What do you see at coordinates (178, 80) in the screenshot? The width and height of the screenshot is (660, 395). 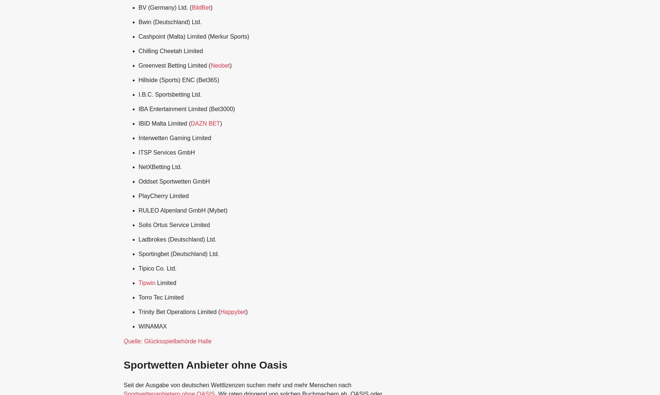 I see `'Hillside (Sports) ENC (Bet365)'` at bounding box center [178, 80].